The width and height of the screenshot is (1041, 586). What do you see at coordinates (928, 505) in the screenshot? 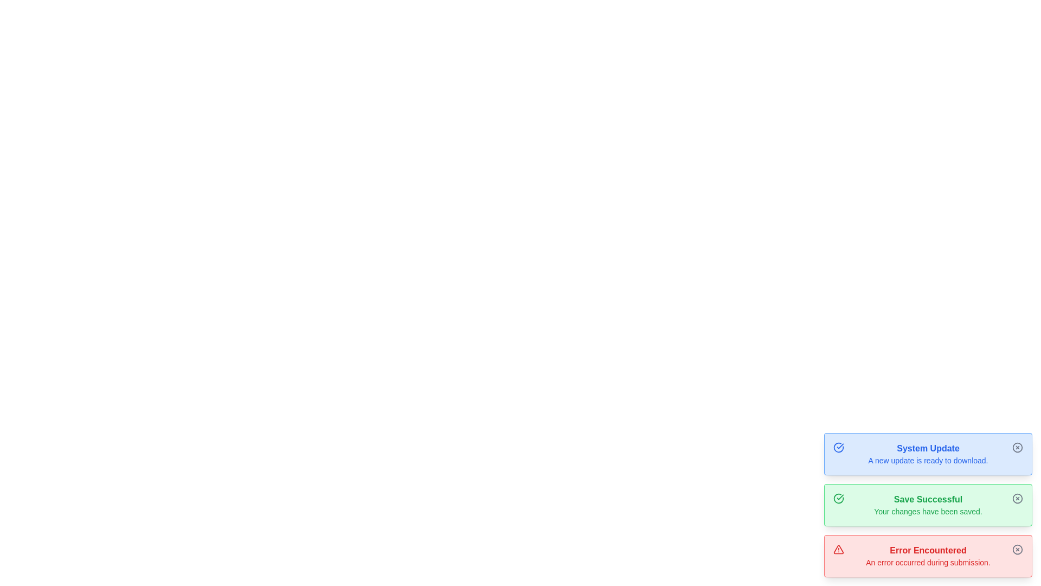
I see `the confirmation message notification indicating that changes have been saved successfully, located between the 'System Update' and 'Error Encountered' notifications` at bounding box center [928, 505].